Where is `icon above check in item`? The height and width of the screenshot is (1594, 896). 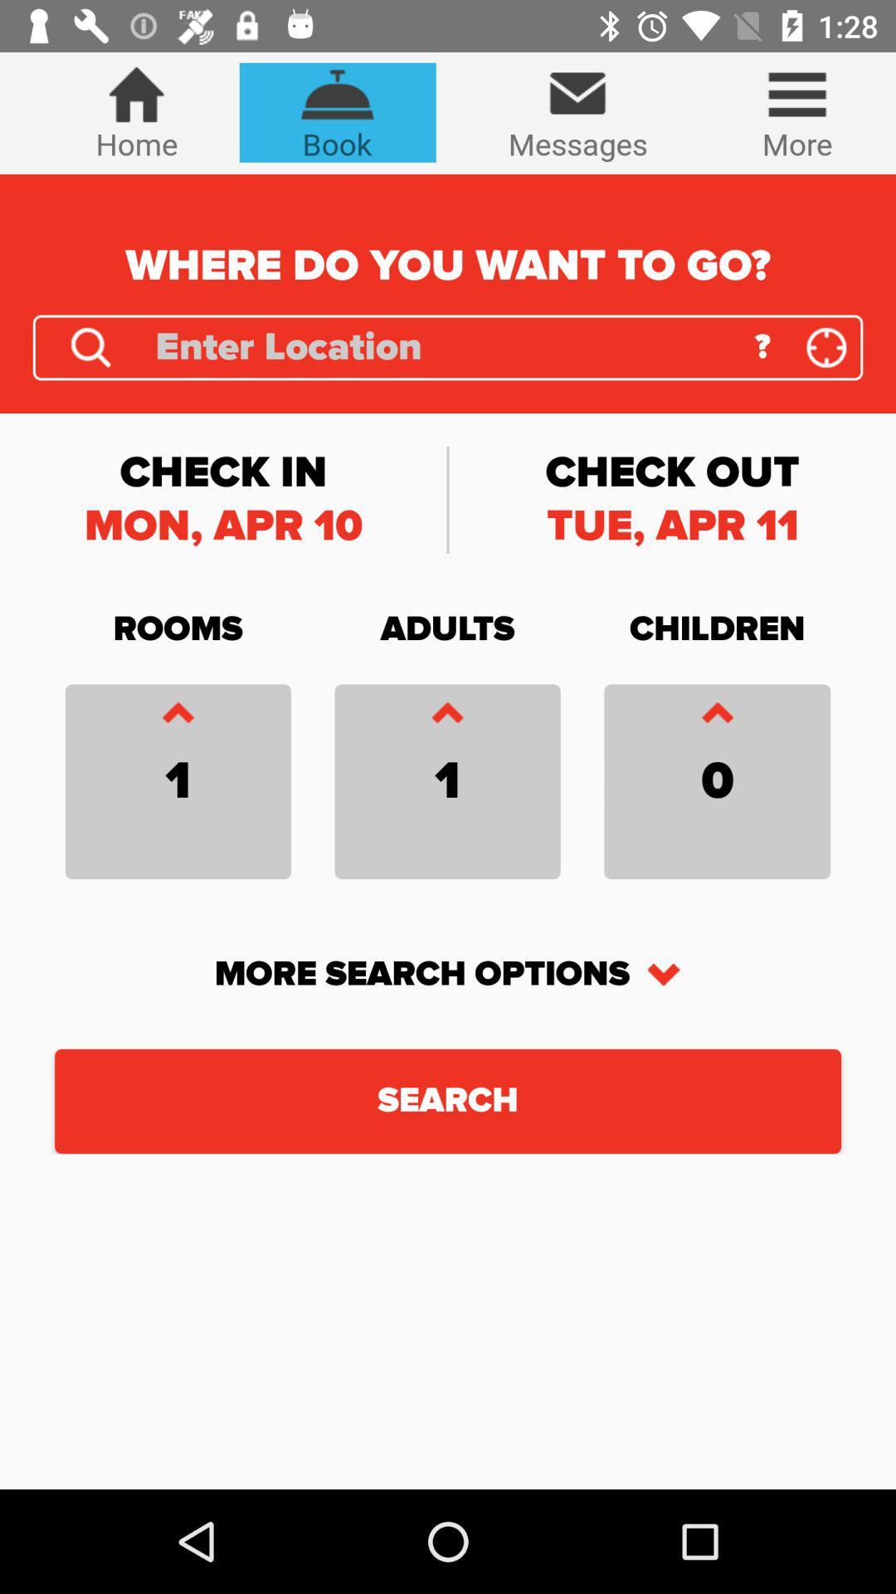
icon above check in item is located at coordinates (90, 346).